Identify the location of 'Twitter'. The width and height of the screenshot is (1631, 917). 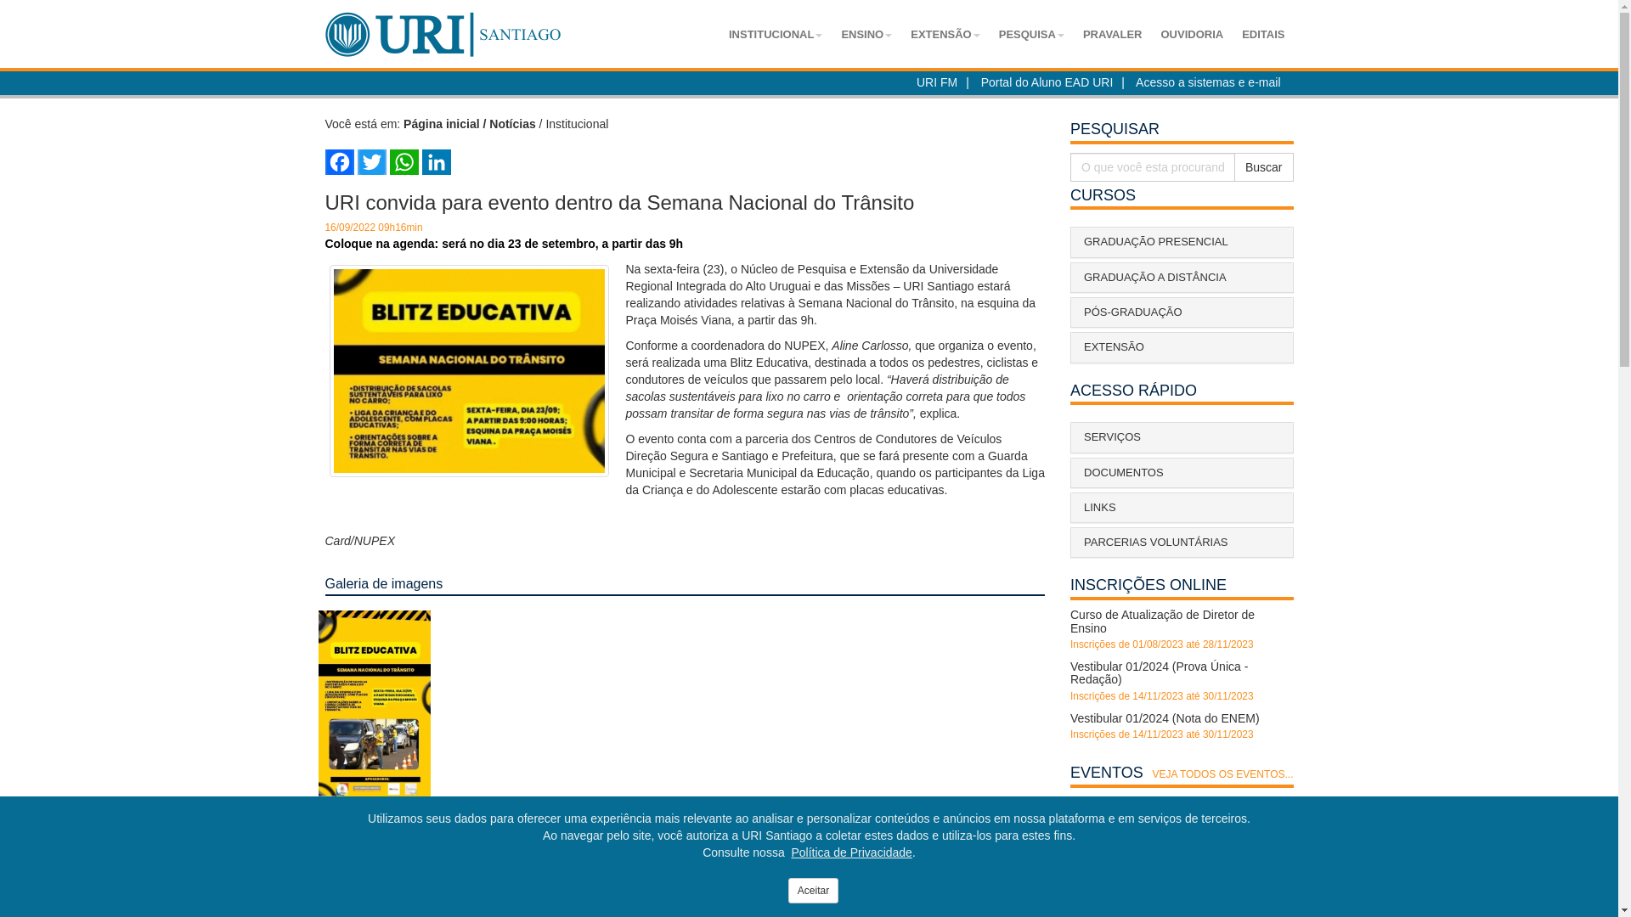
(370, 162).